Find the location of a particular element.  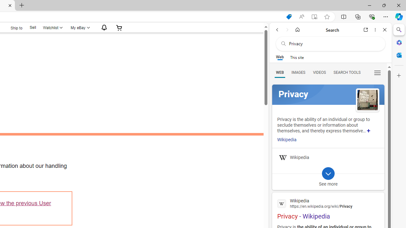

'Sell' is located at coordinates (32, 27).